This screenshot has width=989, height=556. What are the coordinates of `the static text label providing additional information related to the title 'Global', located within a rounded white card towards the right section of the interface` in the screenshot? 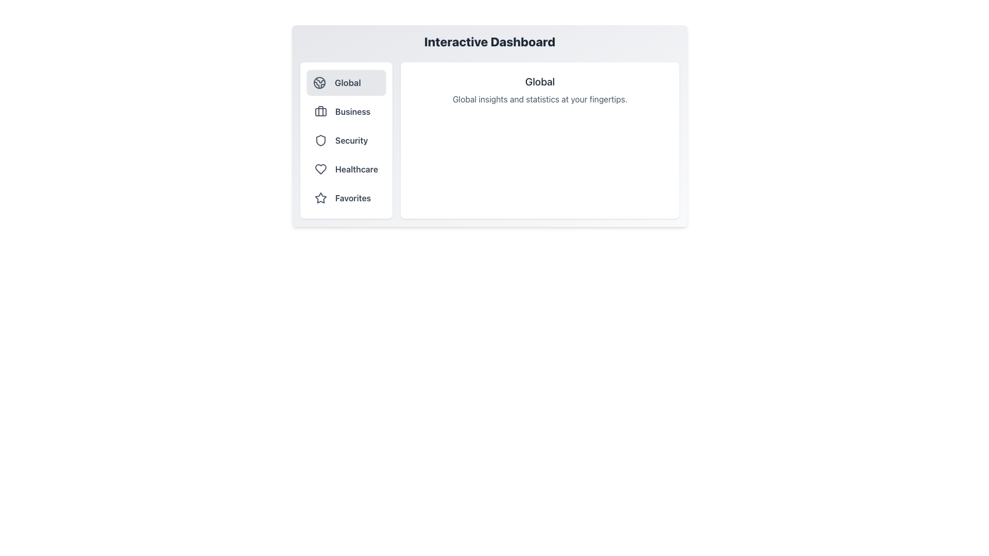 It's located at (539, 99).